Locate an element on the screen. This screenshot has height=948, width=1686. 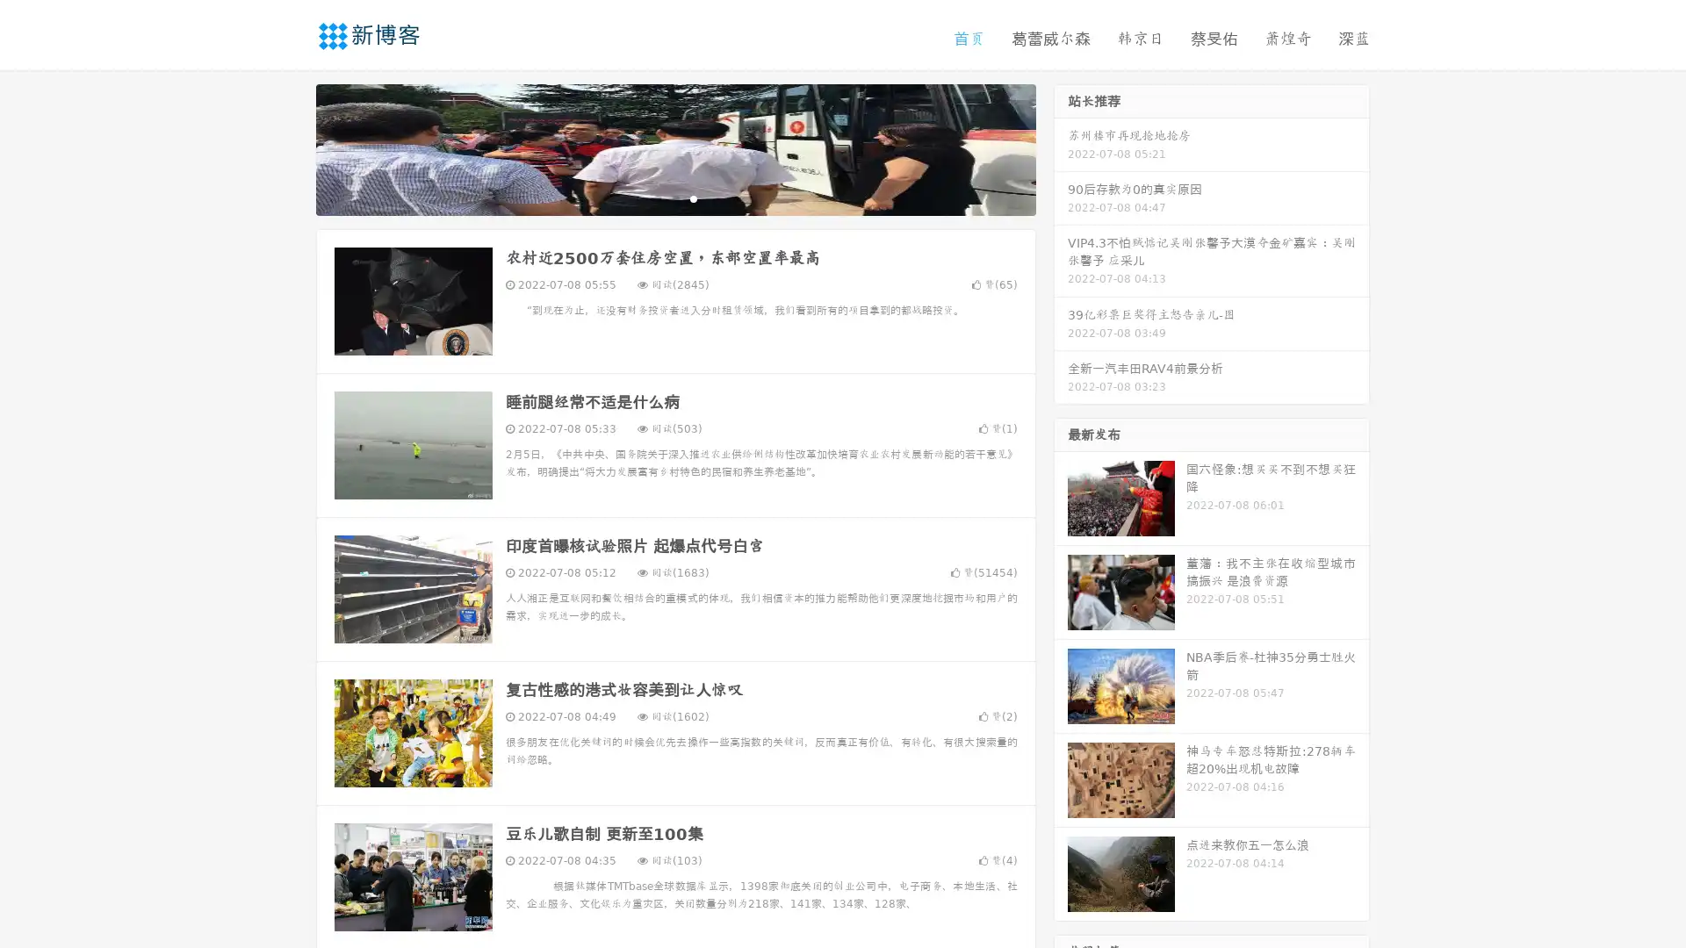
Go to slide 2 is located at coordinates (674, 197).